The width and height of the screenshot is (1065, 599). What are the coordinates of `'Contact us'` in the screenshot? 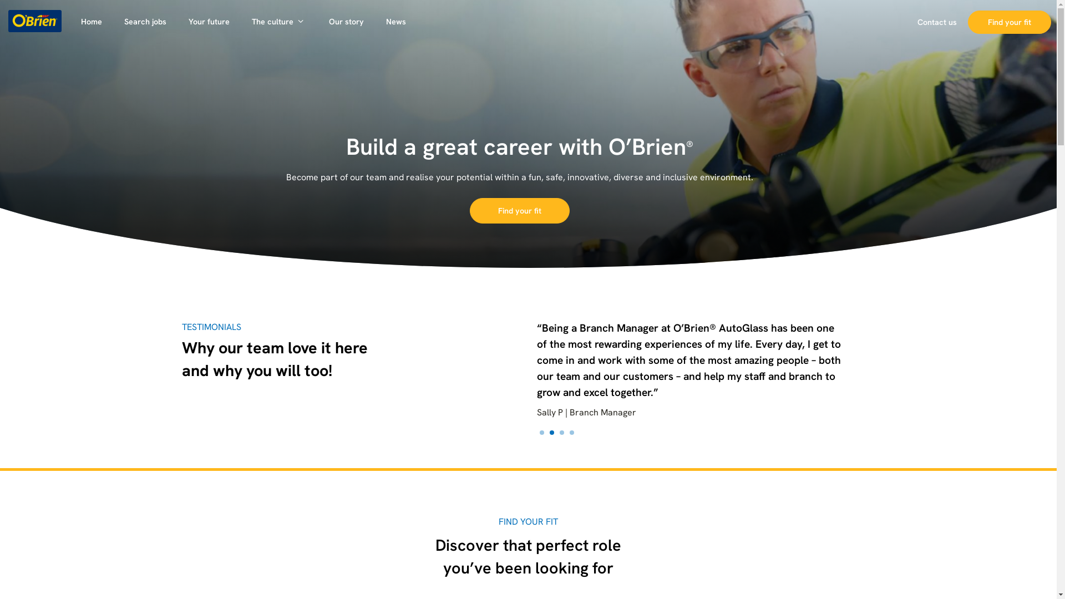 It's located at (906, 22).